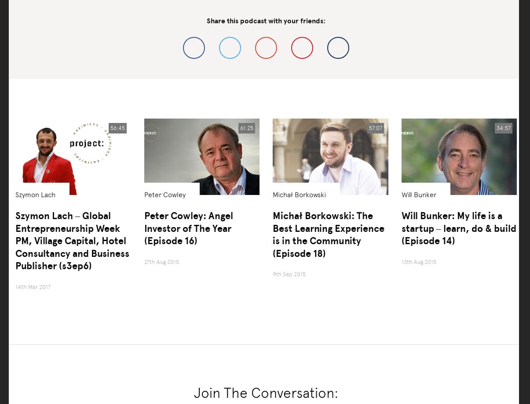 The width and height of the screenshot is (530, 404). What do you see at coordinates (72, 241) in the screenshot?
I see `'Szymon Lach – Global Entrepreneurship Week PM, Village Capital, Hotel Consultancy and Business Publisher (s3ep6)'` at bounding box center [72, 241].